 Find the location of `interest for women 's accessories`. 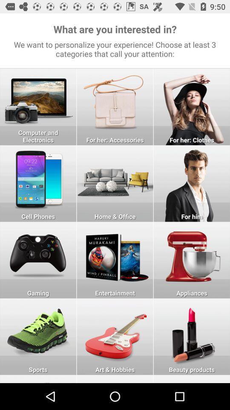

interest for women 's accessories is located at coordinates (115, 106).